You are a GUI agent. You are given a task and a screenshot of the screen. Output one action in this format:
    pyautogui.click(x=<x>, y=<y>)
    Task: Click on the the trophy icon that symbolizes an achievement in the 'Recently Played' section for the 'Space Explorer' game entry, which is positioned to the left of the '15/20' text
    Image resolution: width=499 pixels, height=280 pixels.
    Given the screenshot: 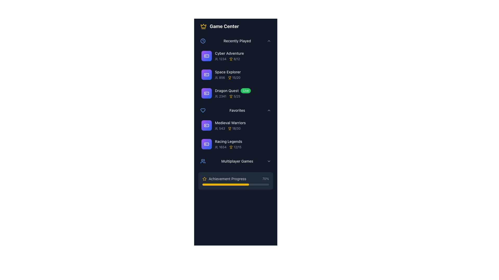 What is the action you would take?
    pyautogui.click(x=229, y=78)
    